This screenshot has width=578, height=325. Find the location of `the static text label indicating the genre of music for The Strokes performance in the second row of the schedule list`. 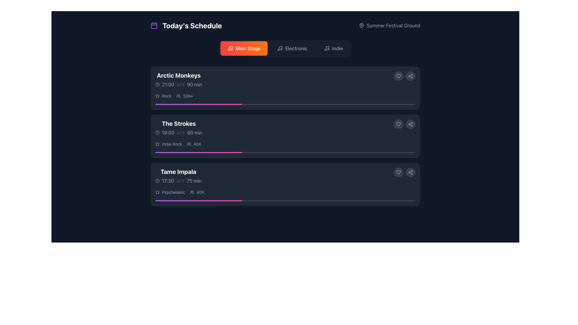

the static text label indicating the genre of music for The Strokes performance in the second row of the schedule list is located at coordinates (172, 144).